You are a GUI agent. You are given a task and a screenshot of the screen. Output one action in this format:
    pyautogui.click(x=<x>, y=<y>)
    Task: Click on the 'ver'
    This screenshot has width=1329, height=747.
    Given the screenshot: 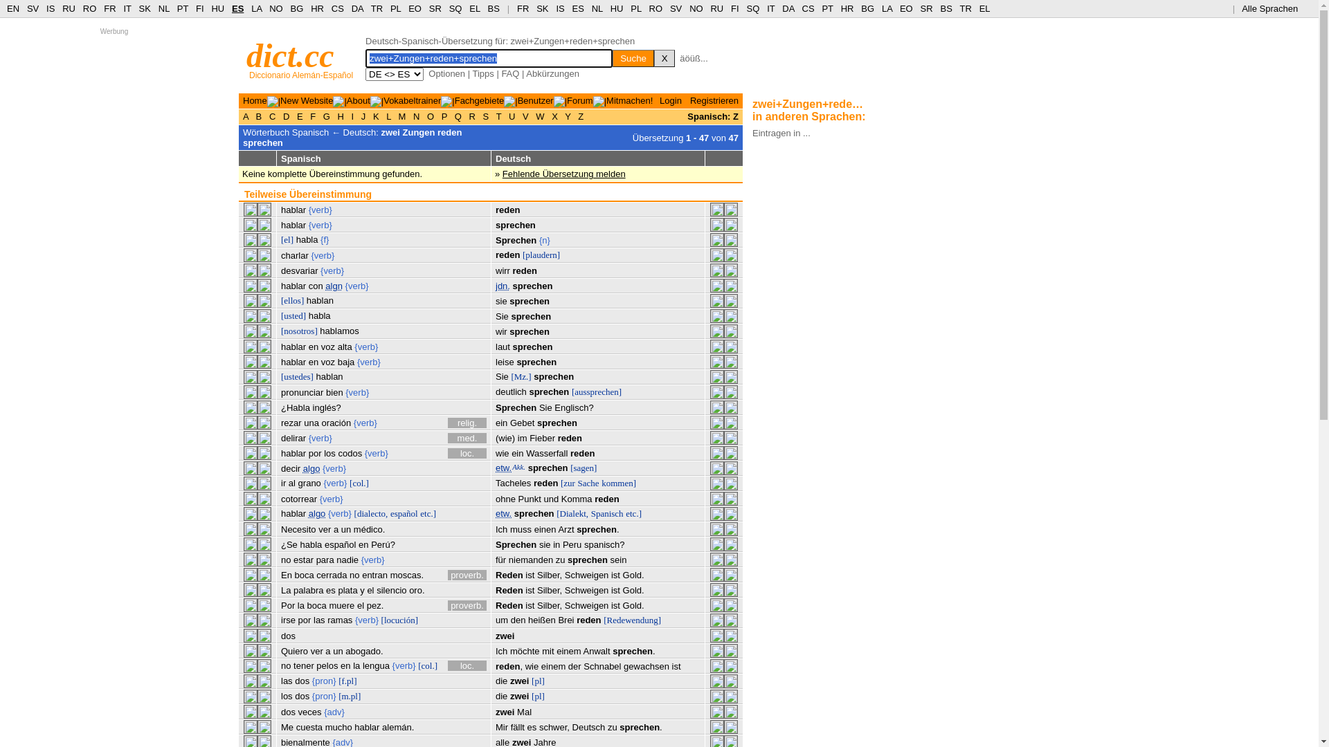 What is the action you would take?
    pyautogui.click(x=318, y=529)
    